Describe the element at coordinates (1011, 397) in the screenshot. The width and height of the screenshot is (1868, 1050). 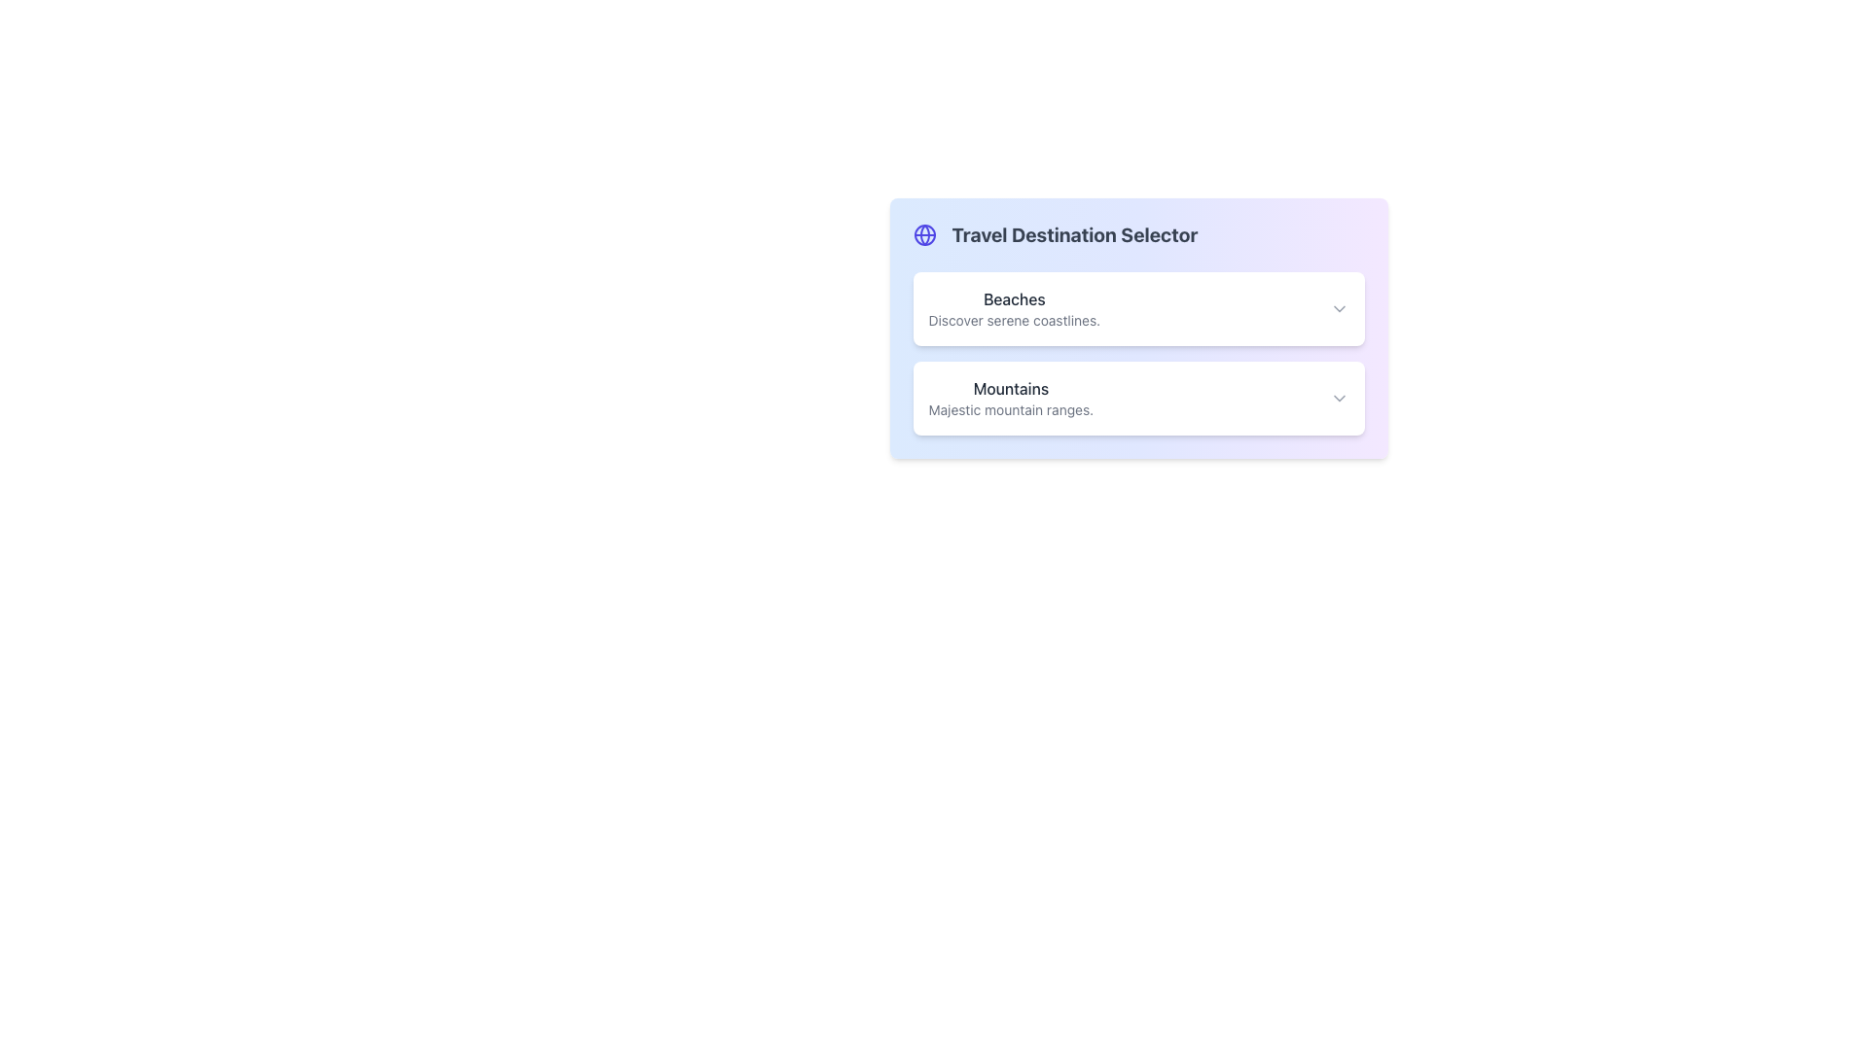
I see `the text label element with the heading 'Mountains' and description 'Majestic mountain ranges.'` at that location.